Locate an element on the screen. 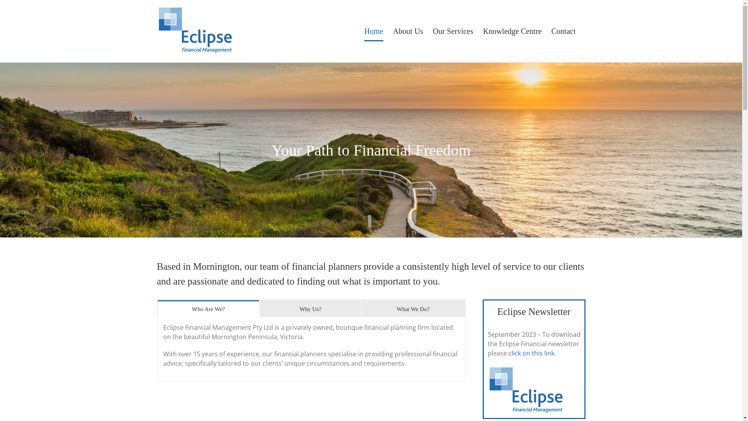  'EclipseFM-logo-2017' is located at coordinates (487, 389).